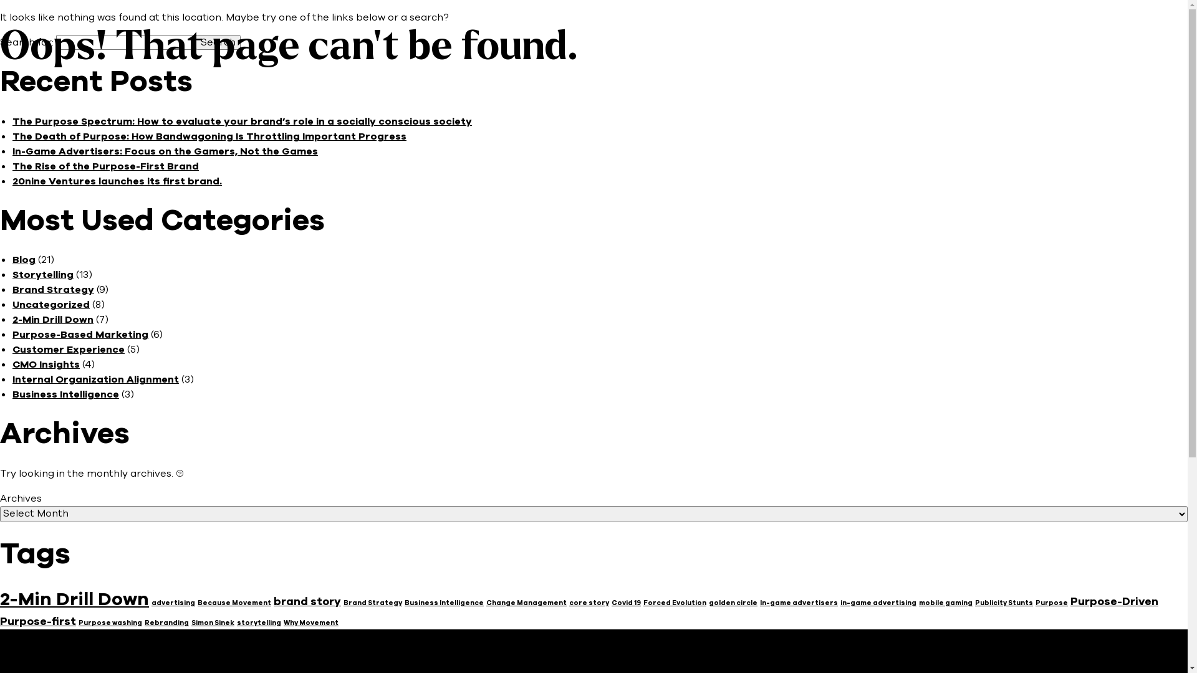  Describe the element at coordinates (1004, 602) in the screenshot. I see `'Publicity Stunts'` at that location.